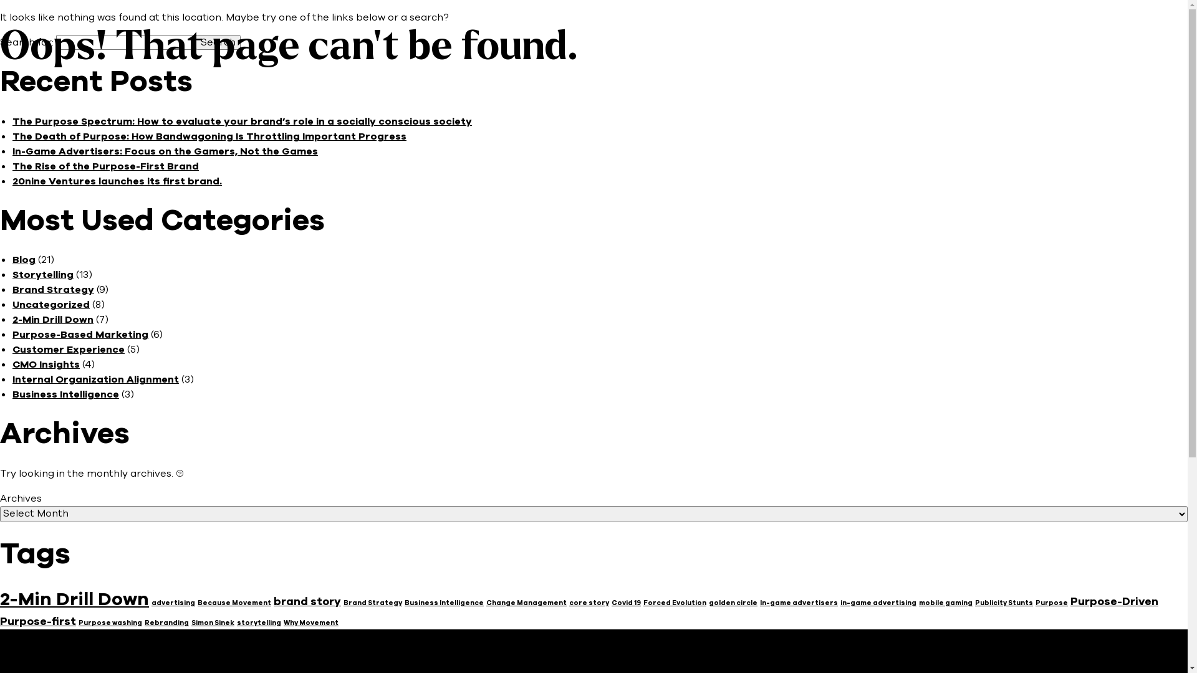  Describe the element at coordinates (1004, 602) in the screenshot. I see `'Publicity Stunts'` at that location.